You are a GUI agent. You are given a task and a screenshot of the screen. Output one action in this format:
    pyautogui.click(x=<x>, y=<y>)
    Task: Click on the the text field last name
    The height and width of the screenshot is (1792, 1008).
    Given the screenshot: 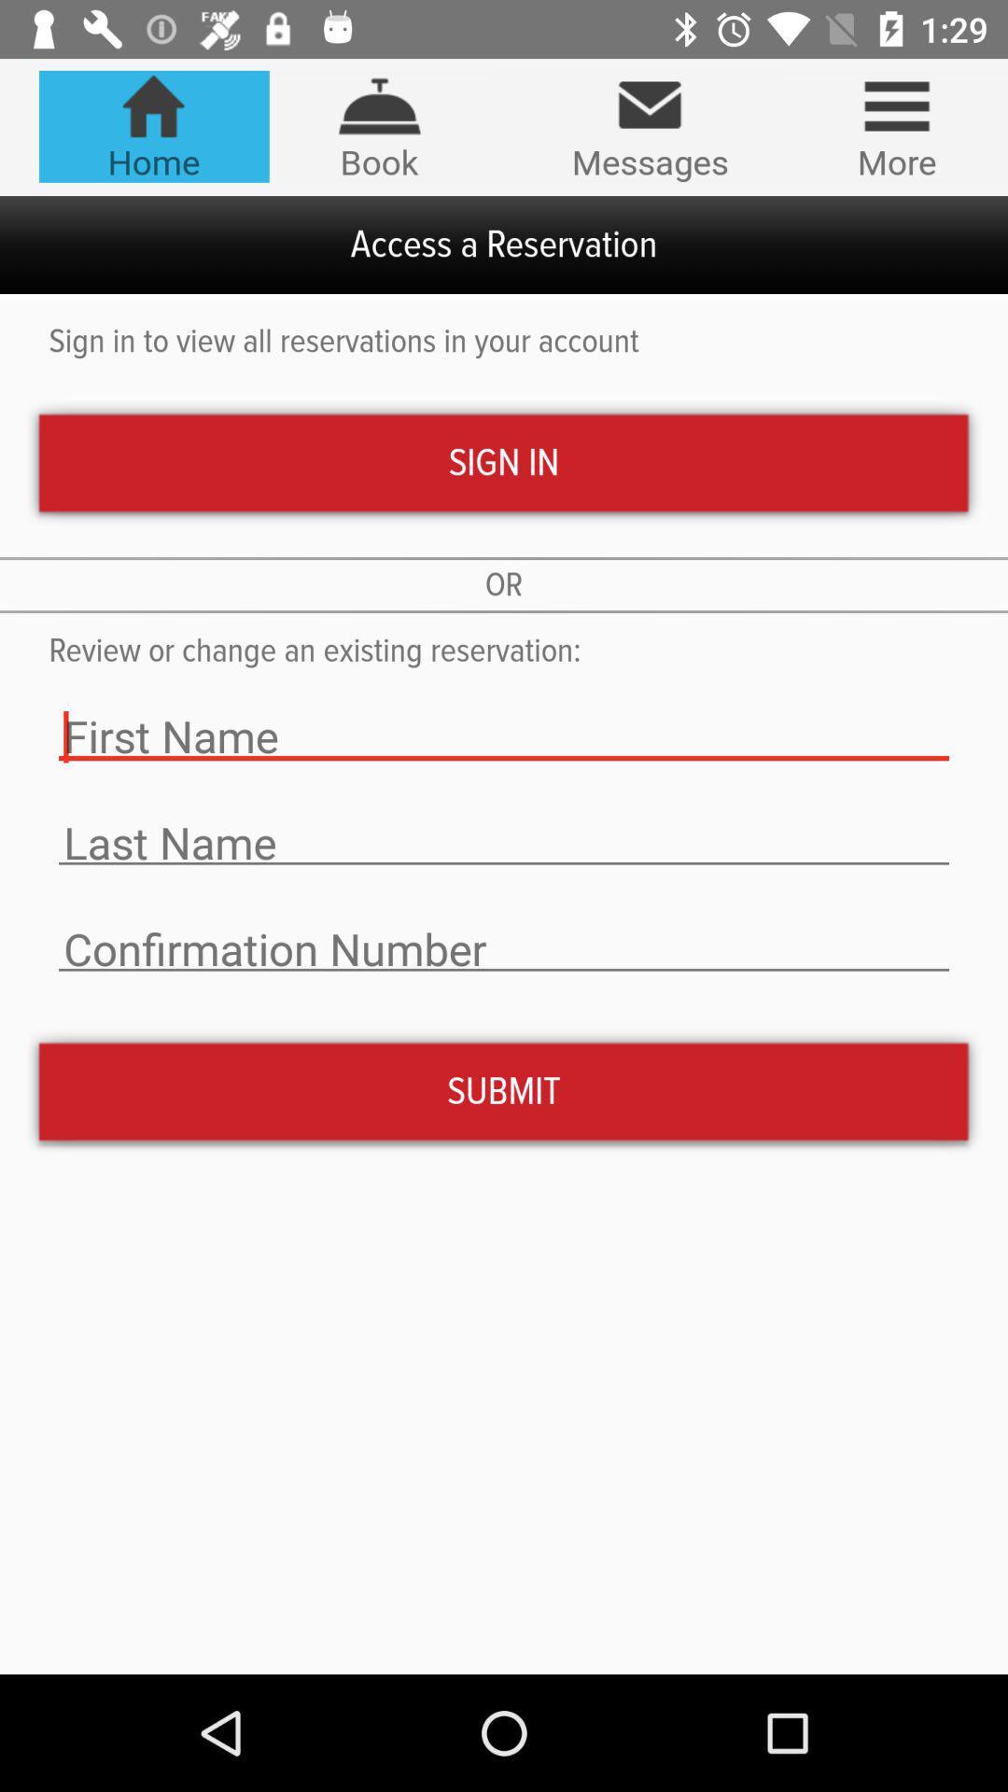 What is the action you would take?
    pyautogui.click(x=504, y=842)
    